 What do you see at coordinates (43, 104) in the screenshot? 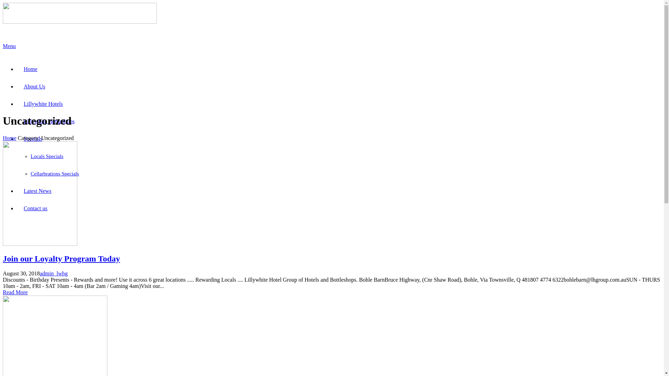
I see `'Lillywhite Hotels'` at bounding box center [43, 104].